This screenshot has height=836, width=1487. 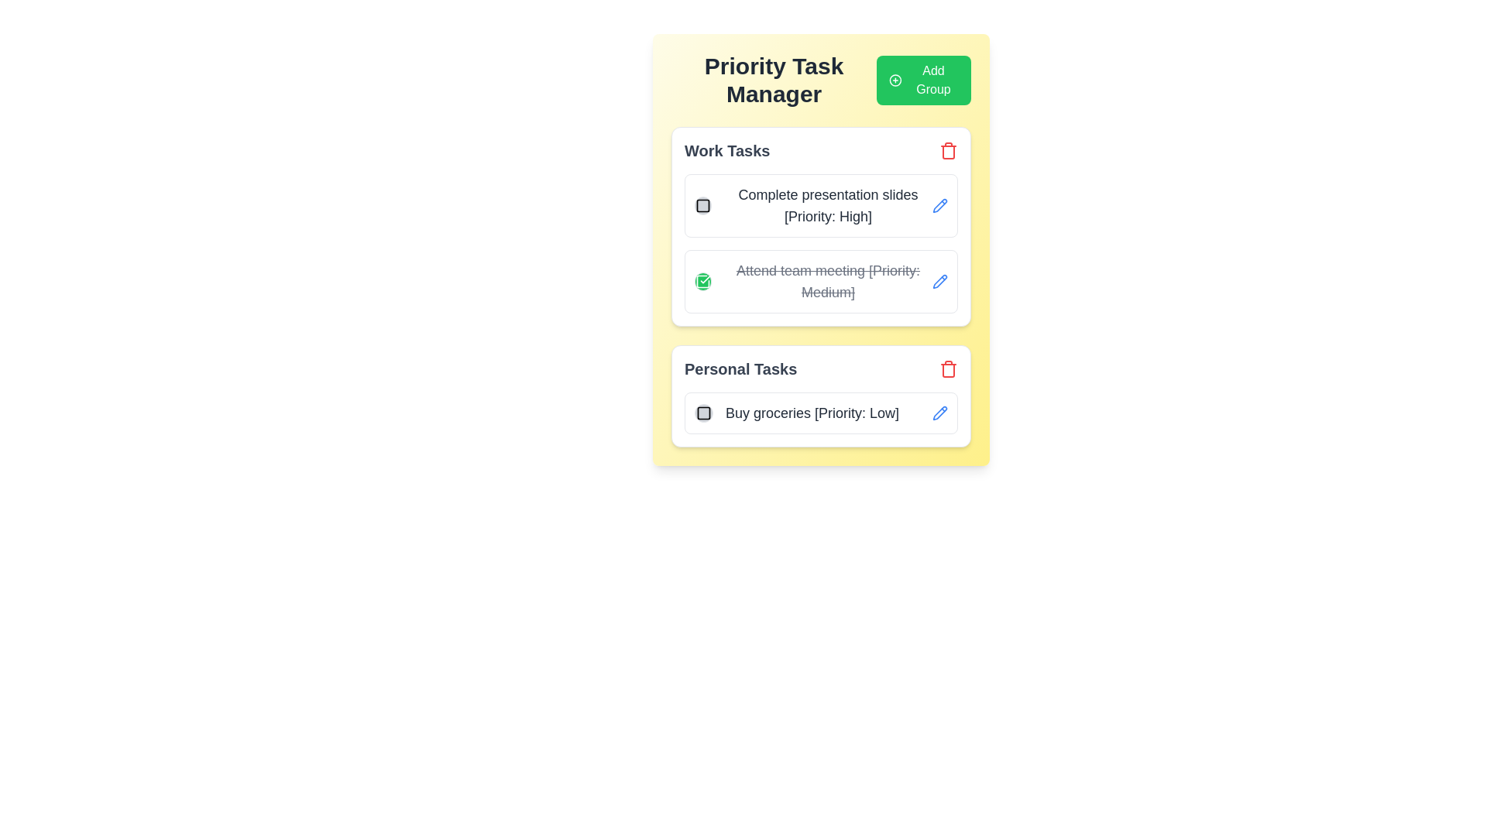 I want to click on the task text labeled 'Complete presentation slides [Priority: High]' in the first card of the 'Work Tasks' group, so click(x=820, y=205).